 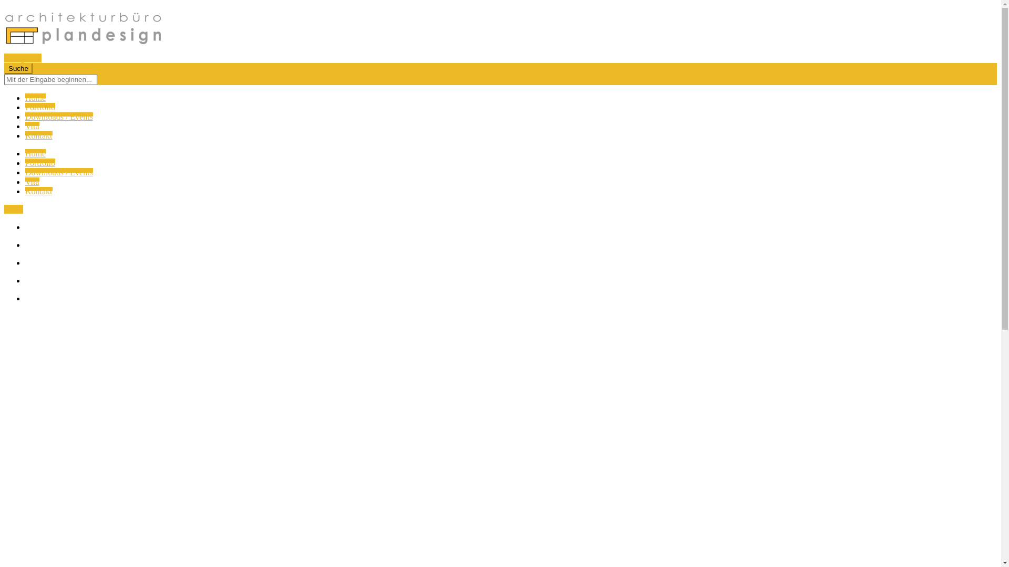 What do you see at coordinates (4, 68) in the screenshot?
I see `'Suche'` at bounding box center [4, 68].